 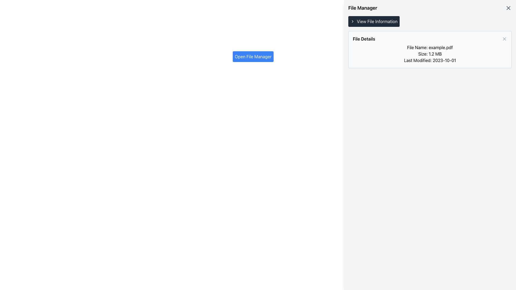 What do you see at coordinates (504, 39) in the screenshot?
I see `the close button icon (cross symbol) located at the far right of the 'File Details' header` at bounding box center [504, 39].